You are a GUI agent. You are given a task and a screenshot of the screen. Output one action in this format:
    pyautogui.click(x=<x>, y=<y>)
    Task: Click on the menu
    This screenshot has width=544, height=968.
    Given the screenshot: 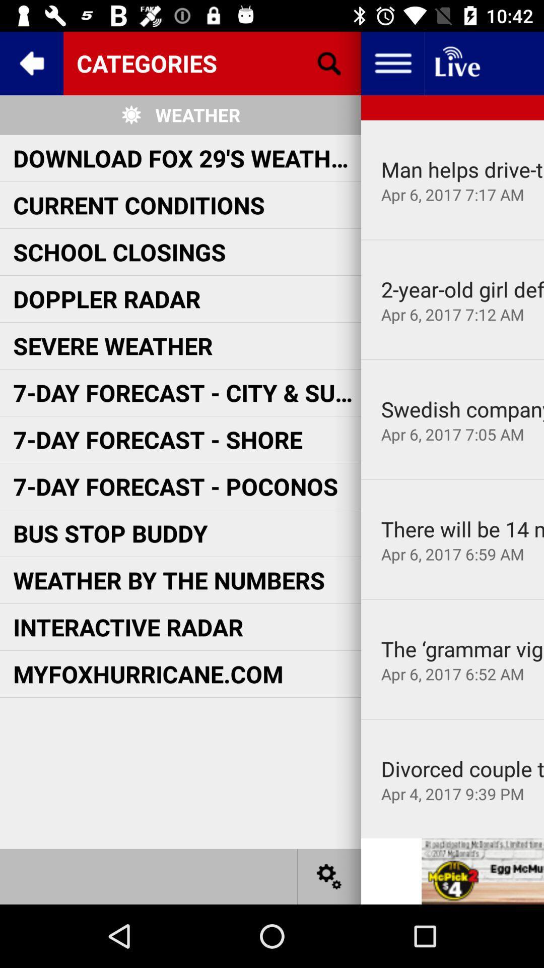 What is the action you would take?
    pyautogui.click(x=392, y=63)
    